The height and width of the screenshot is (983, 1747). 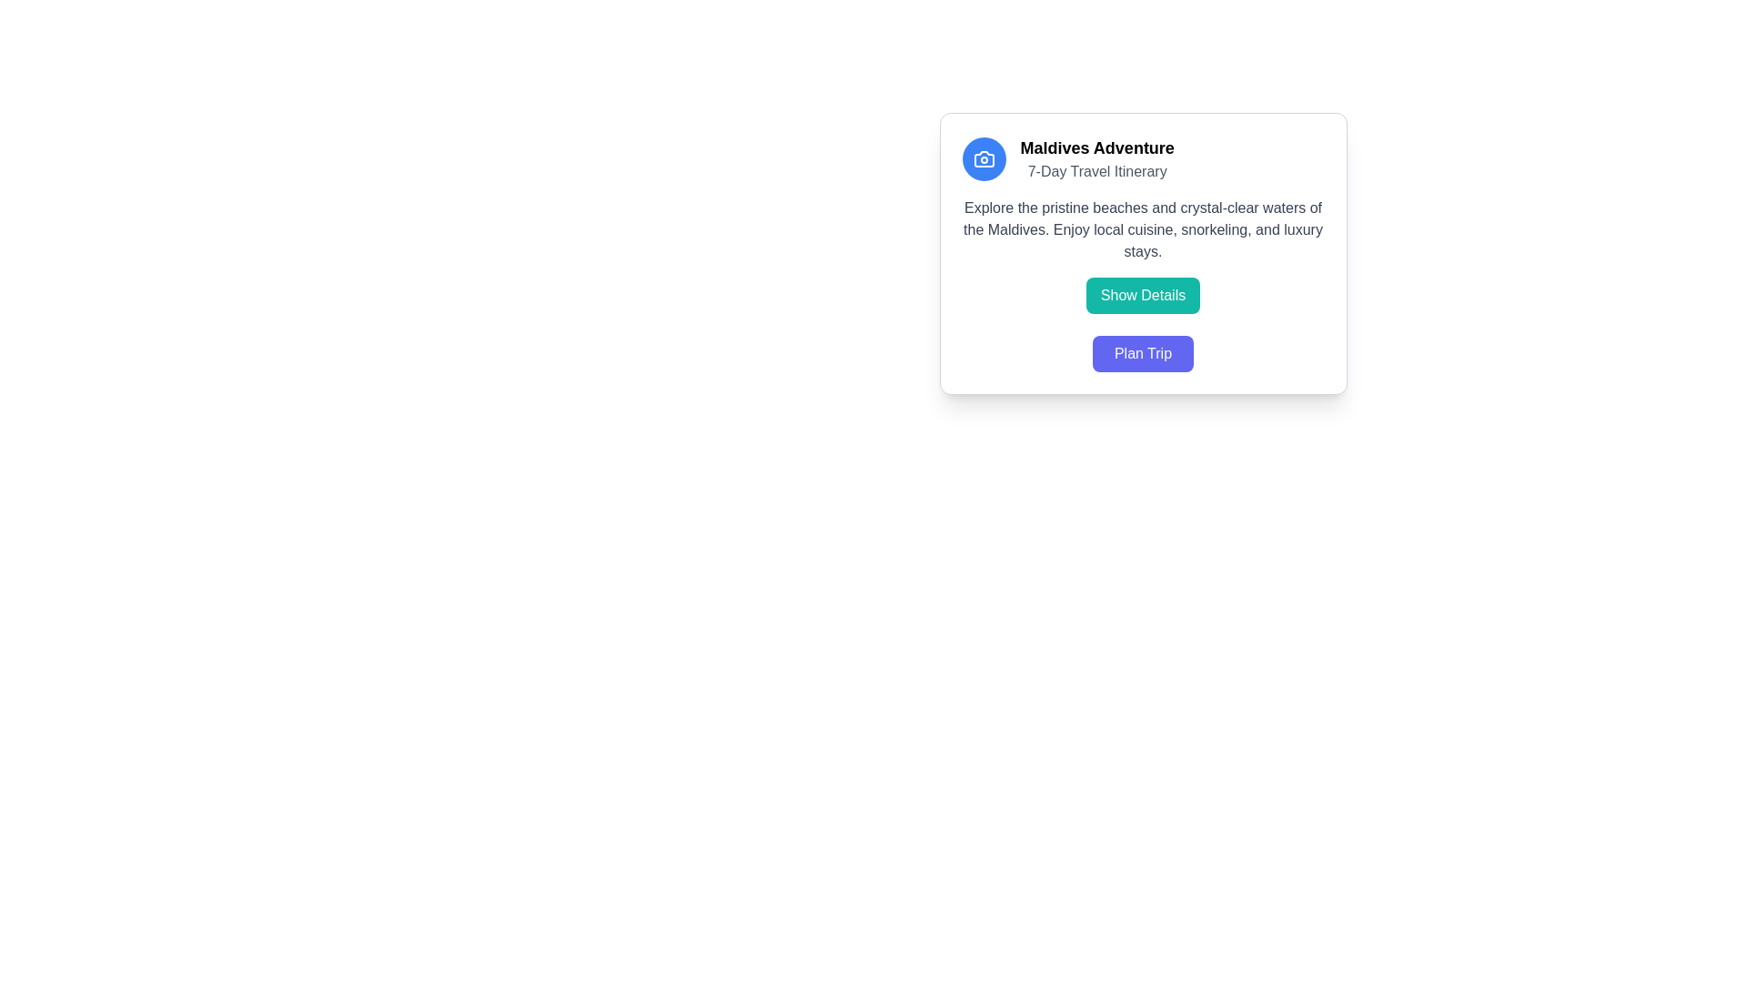 I want to click on the 'Show Details' button, which has a teal background and white text, located in the lower central portion of the card layout for 'Maldives Adventure', so click(x=1142, y=294).